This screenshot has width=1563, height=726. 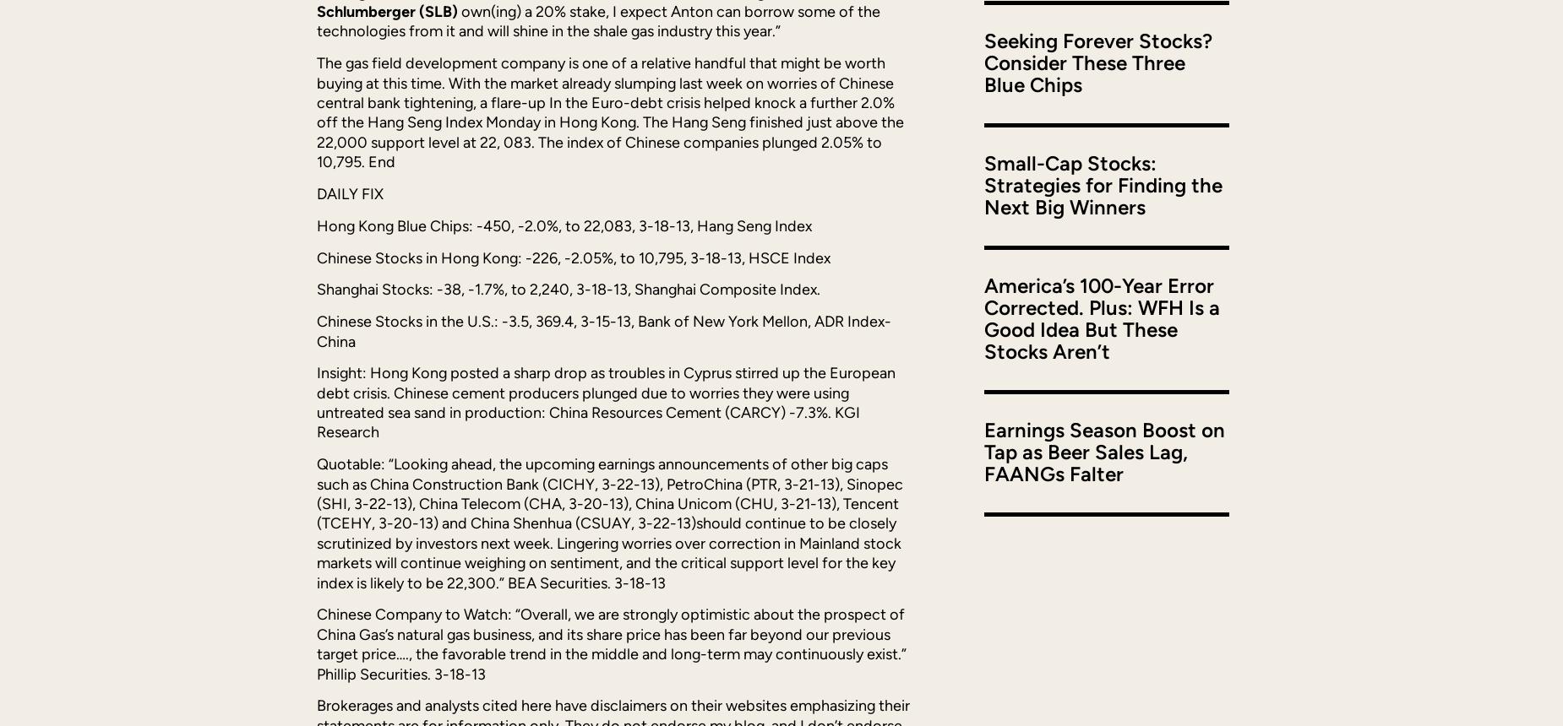 I want to click on 'Chinese Company to Watch: “Overall, we are strongly optimistic about the prospect of China Gas’s natural gas business, and its share price has been far beyond our previous target price…., the favorable trend in the middle and long-term may continuously exist.” Phillip Securities. 3-18-13', so click(x=612, y=643).